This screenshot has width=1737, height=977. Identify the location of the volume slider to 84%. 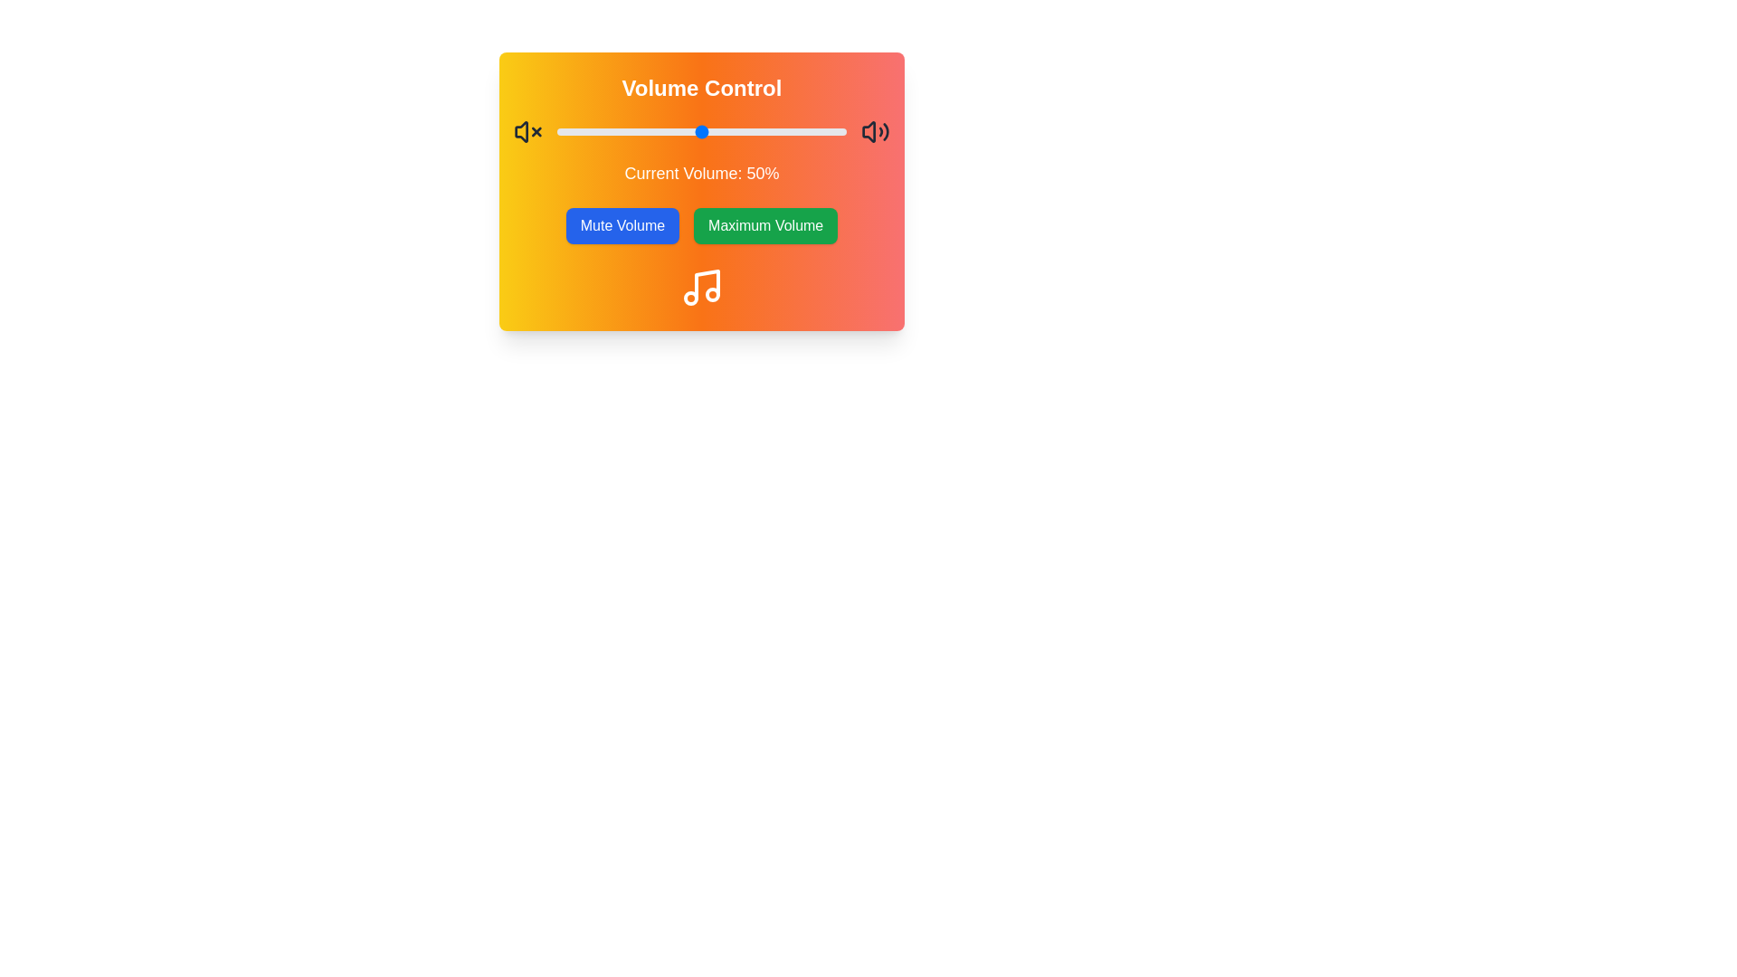
(799, 131).